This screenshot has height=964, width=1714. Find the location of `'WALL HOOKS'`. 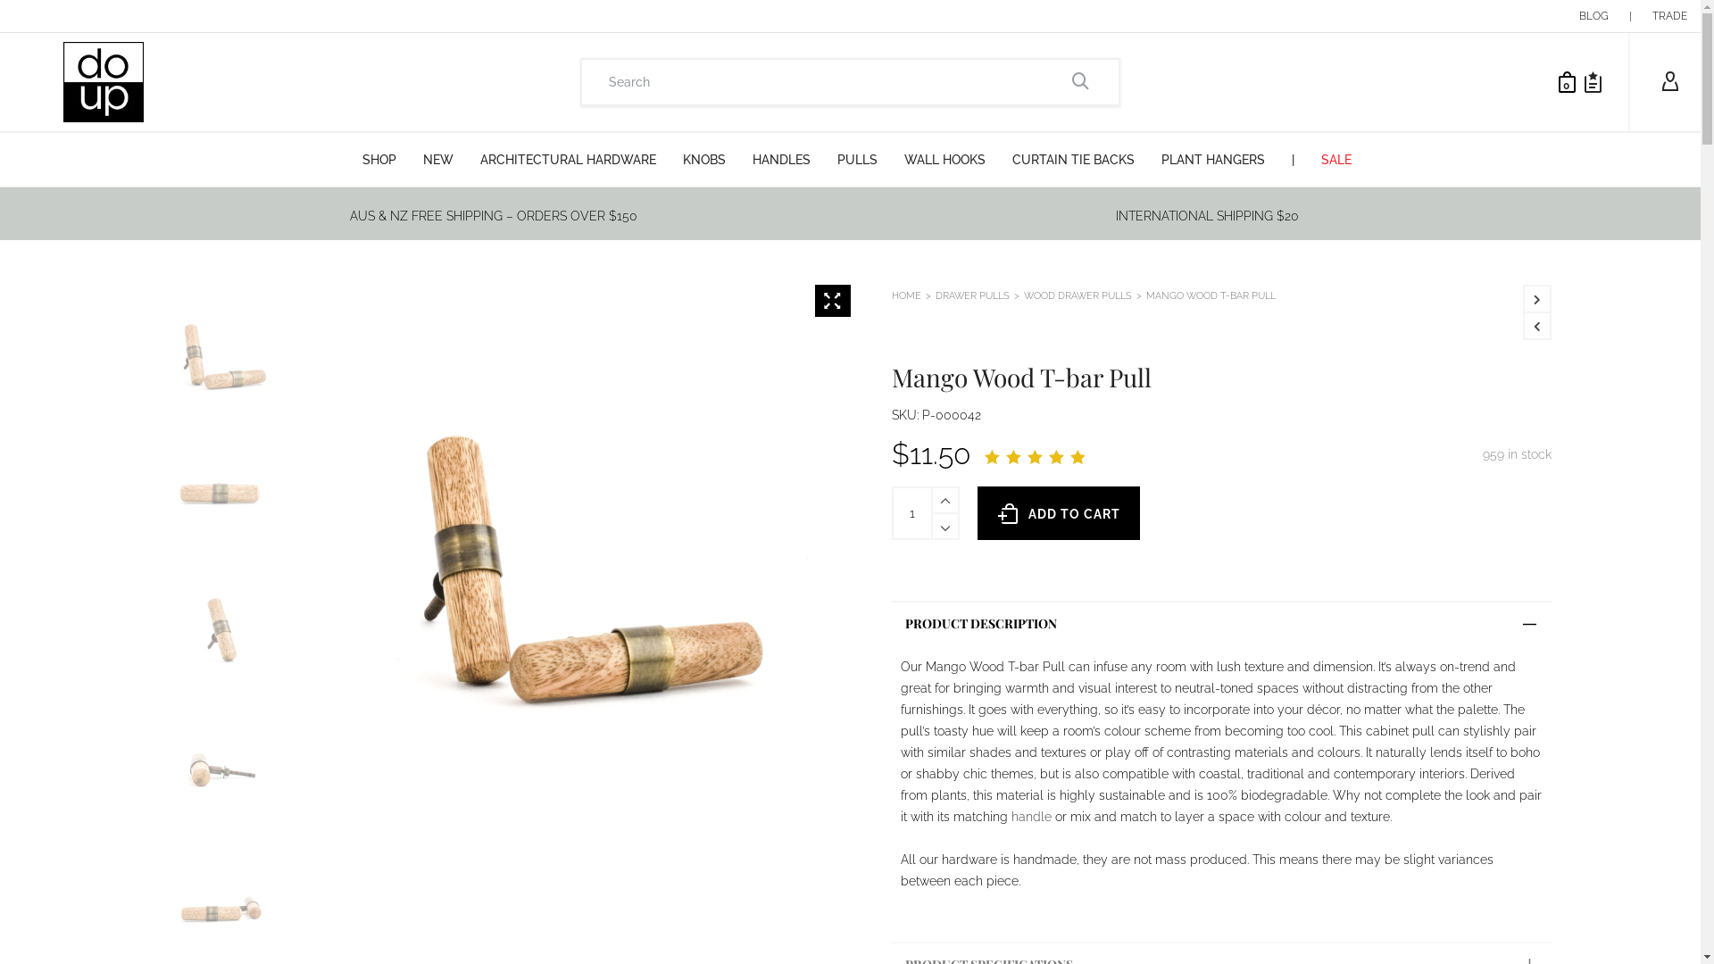

'WALL HOOKS' is located at coordinates (944, 158).